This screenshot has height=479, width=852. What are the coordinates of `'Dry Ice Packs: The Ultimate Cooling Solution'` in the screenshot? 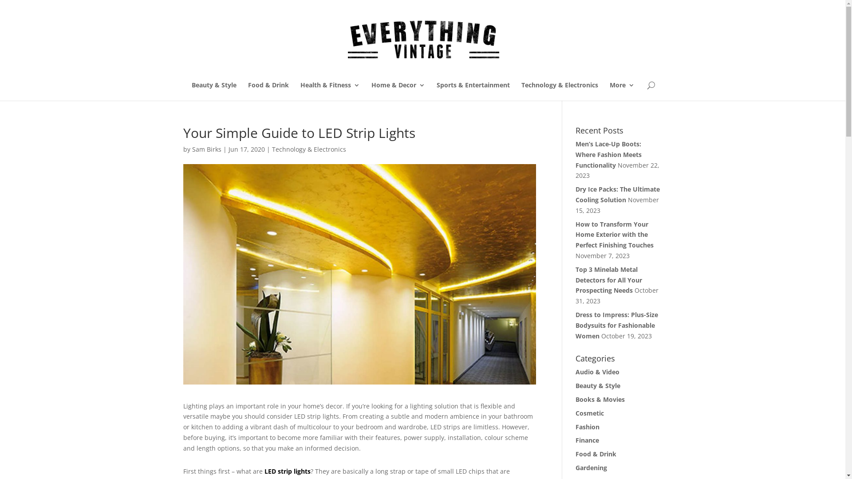 It's located at (617, 194).